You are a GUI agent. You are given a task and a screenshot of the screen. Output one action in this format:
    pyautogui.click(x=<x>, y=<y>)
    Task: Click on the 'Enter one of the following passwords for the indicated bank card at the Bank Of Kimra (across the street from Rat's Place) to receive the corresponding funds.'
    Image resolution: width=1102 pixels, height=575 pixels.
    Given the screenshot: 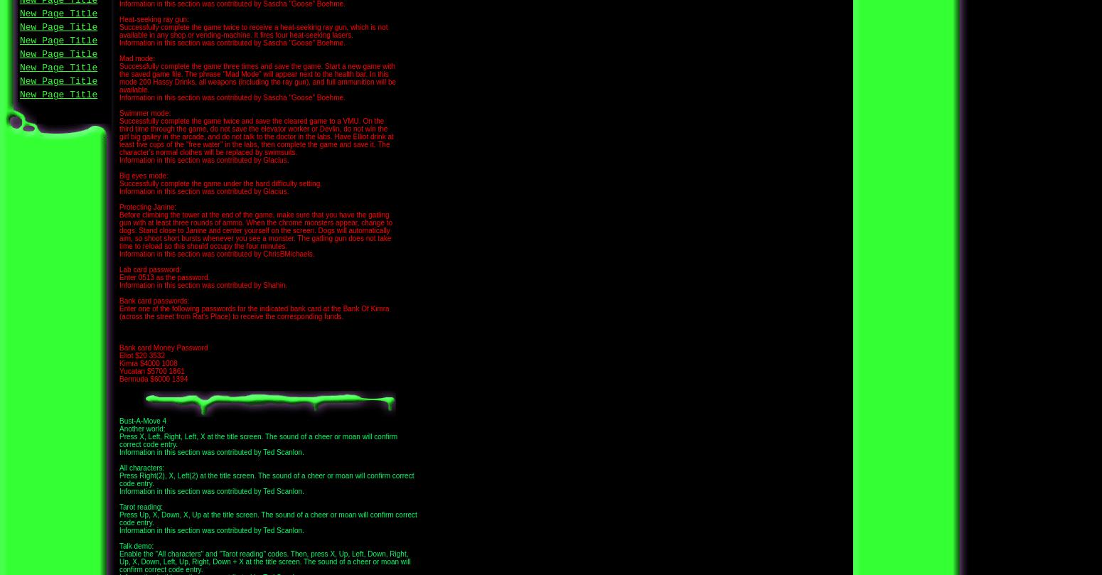 What is the action you would take?
    pyautogui.click(x=253, y=312)
    